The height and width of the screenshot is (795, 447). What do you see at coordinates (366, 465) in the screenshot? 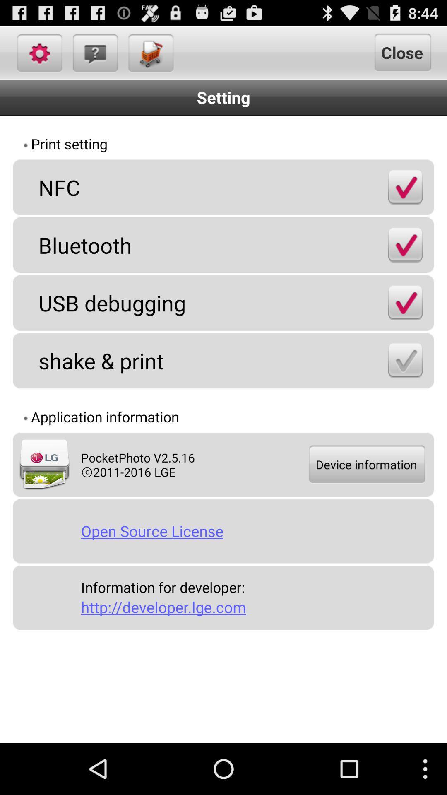
I see `app to the right of pocketphoto v2 5 item` at bounding box center [366, 465].